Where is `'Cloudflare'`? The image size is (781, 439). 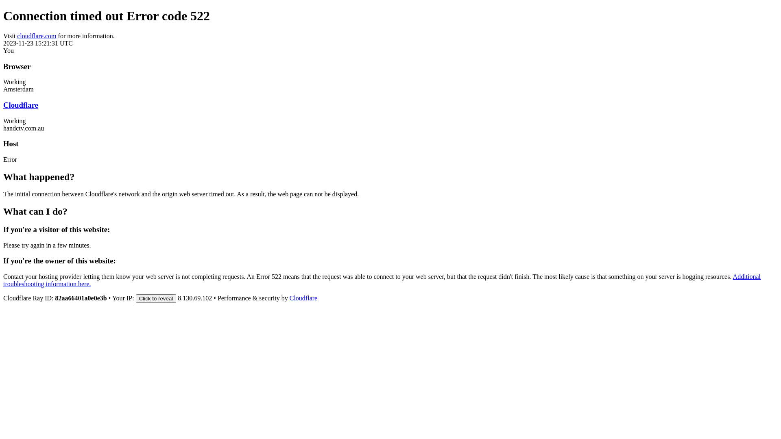 'Cloudflare' is located at coordinates (21, 104).